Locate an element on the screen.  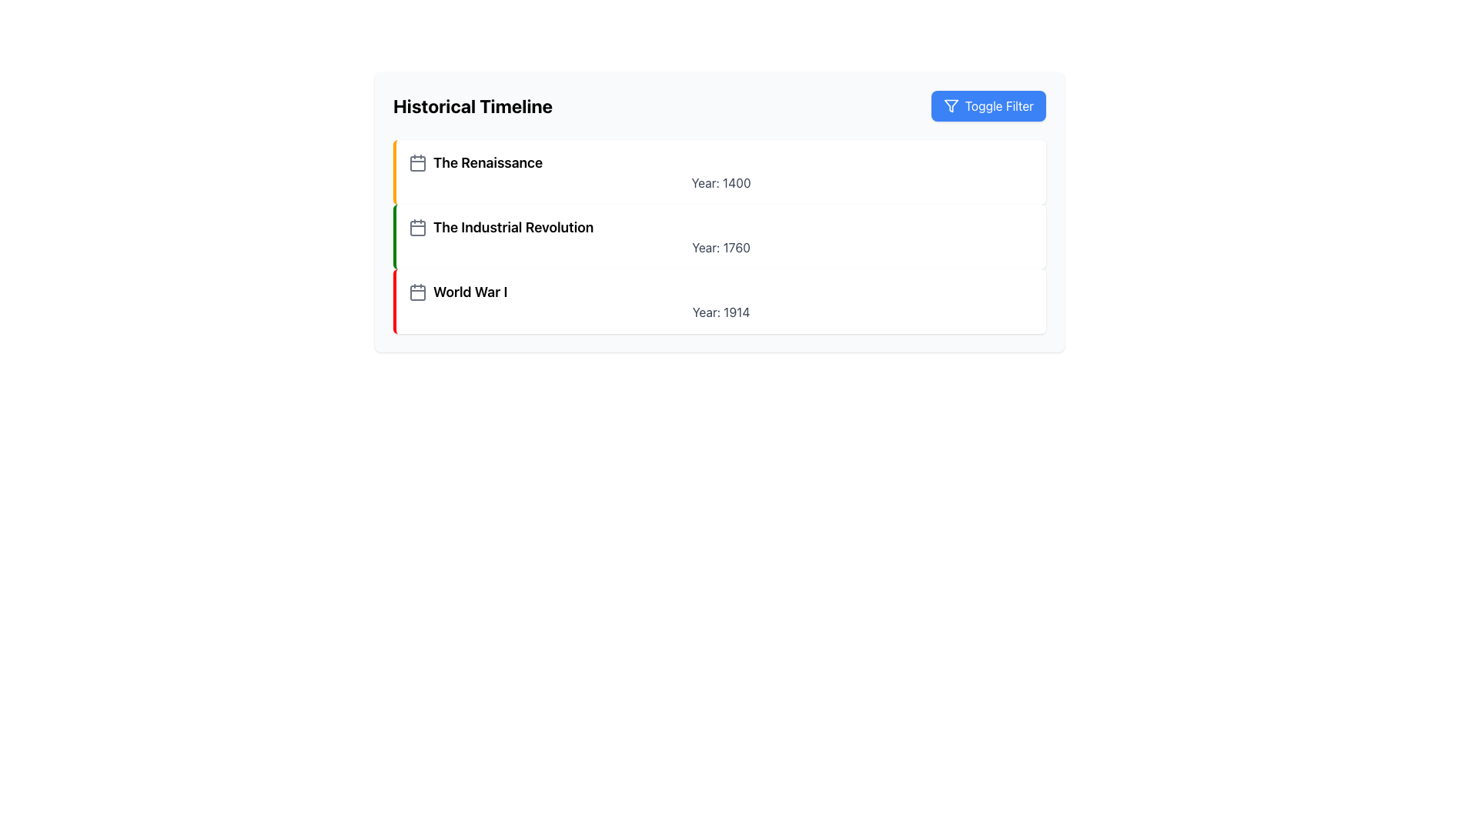
the rectangular frame of the calendar icon representing 'The Industrial Revolution' in the historical timeline if it is interactive is located at coordinates (417, 229).